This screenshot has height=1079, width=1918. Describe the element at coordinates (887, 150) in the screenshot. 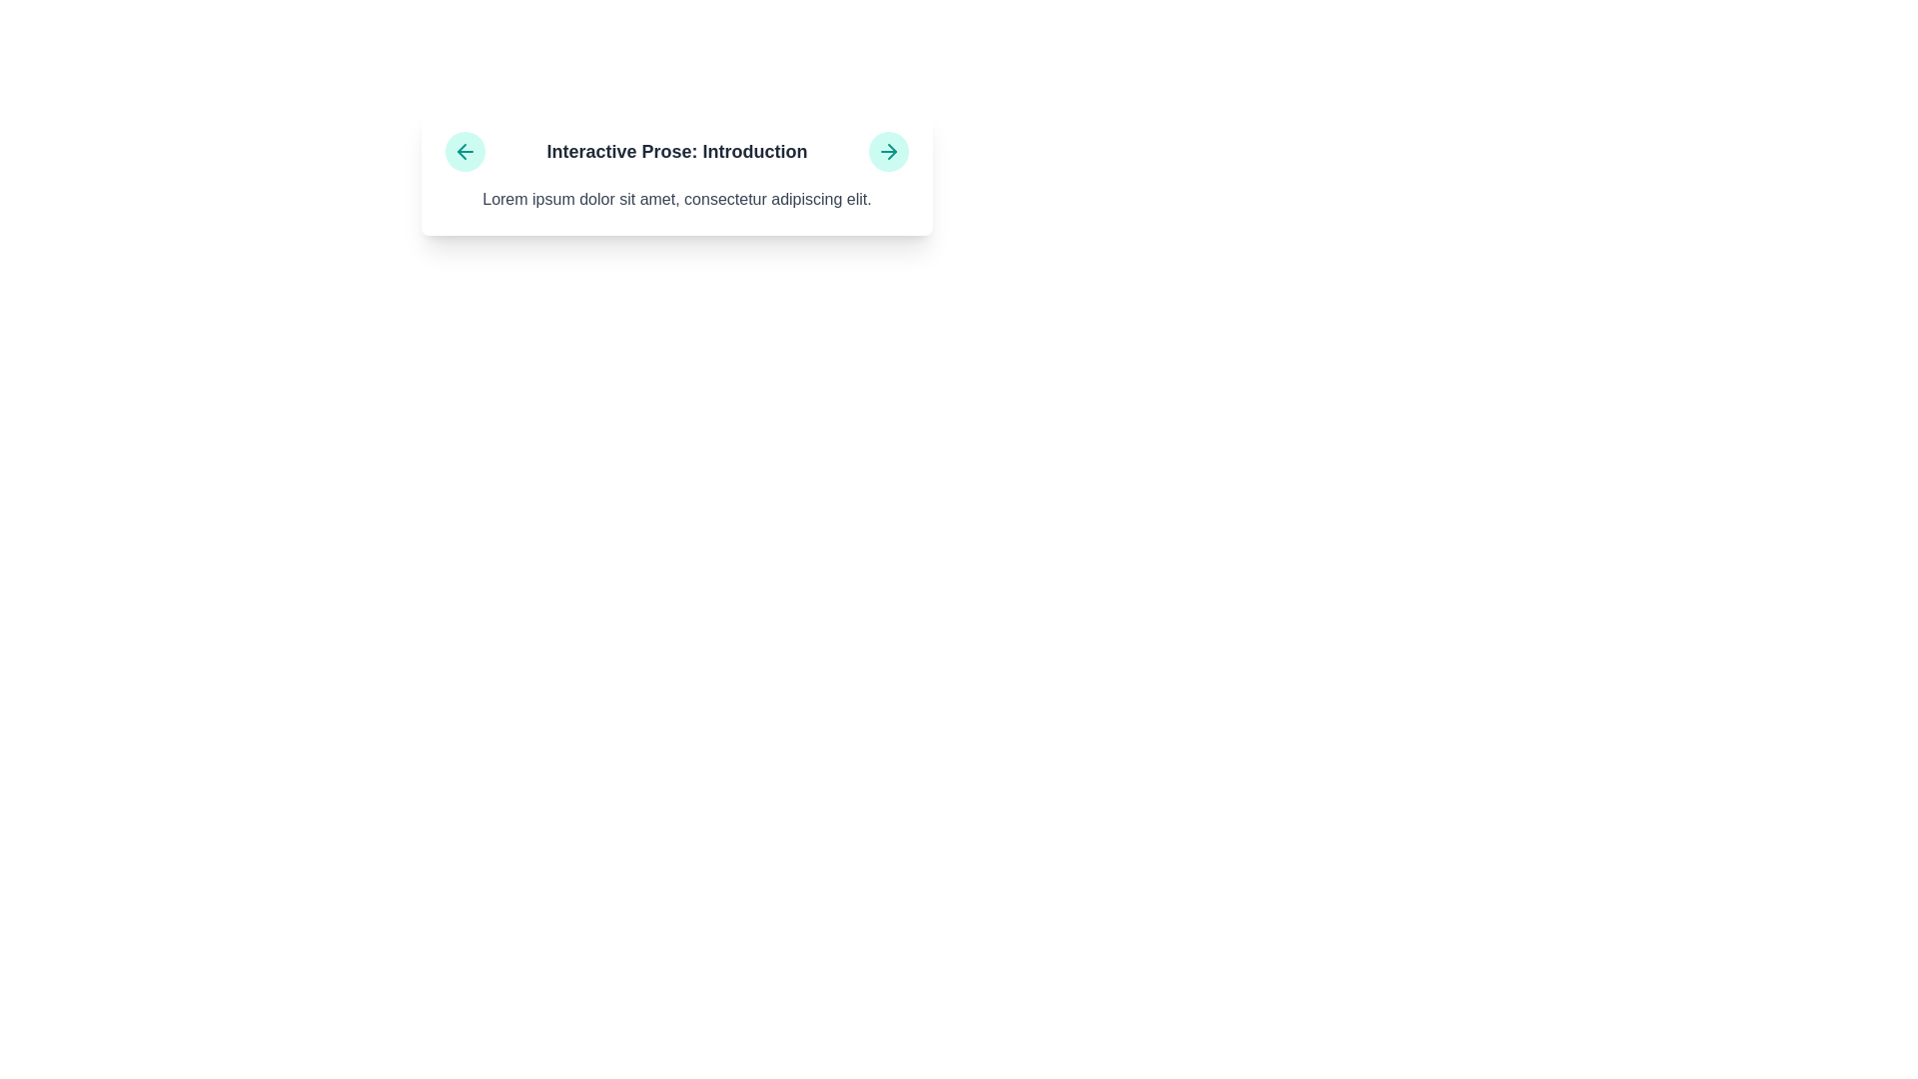

I see `the navigation button icon located at the top-right corner of the content card titled 'Interactive Prose: Introduction'` at that location.